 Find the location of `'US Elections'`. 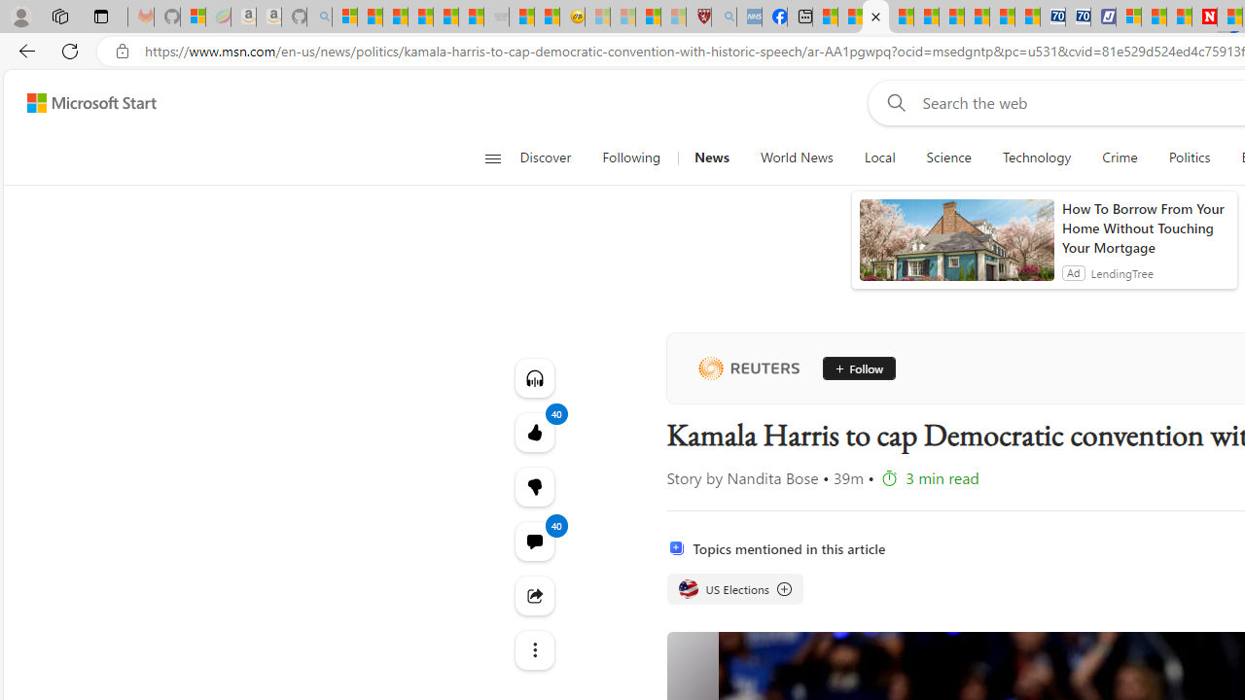

'US Elections' is located at coordinates (688, 588).